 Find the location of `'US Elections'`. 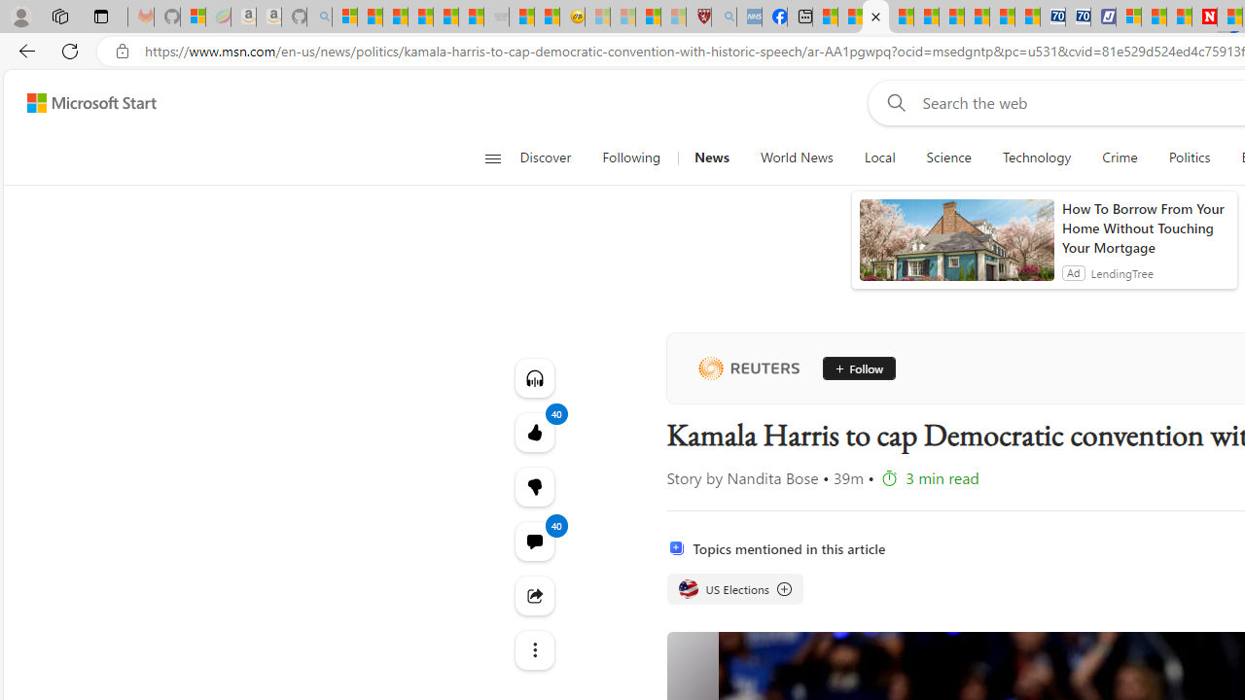

'US Elections' is located at coordinates (688, 588).